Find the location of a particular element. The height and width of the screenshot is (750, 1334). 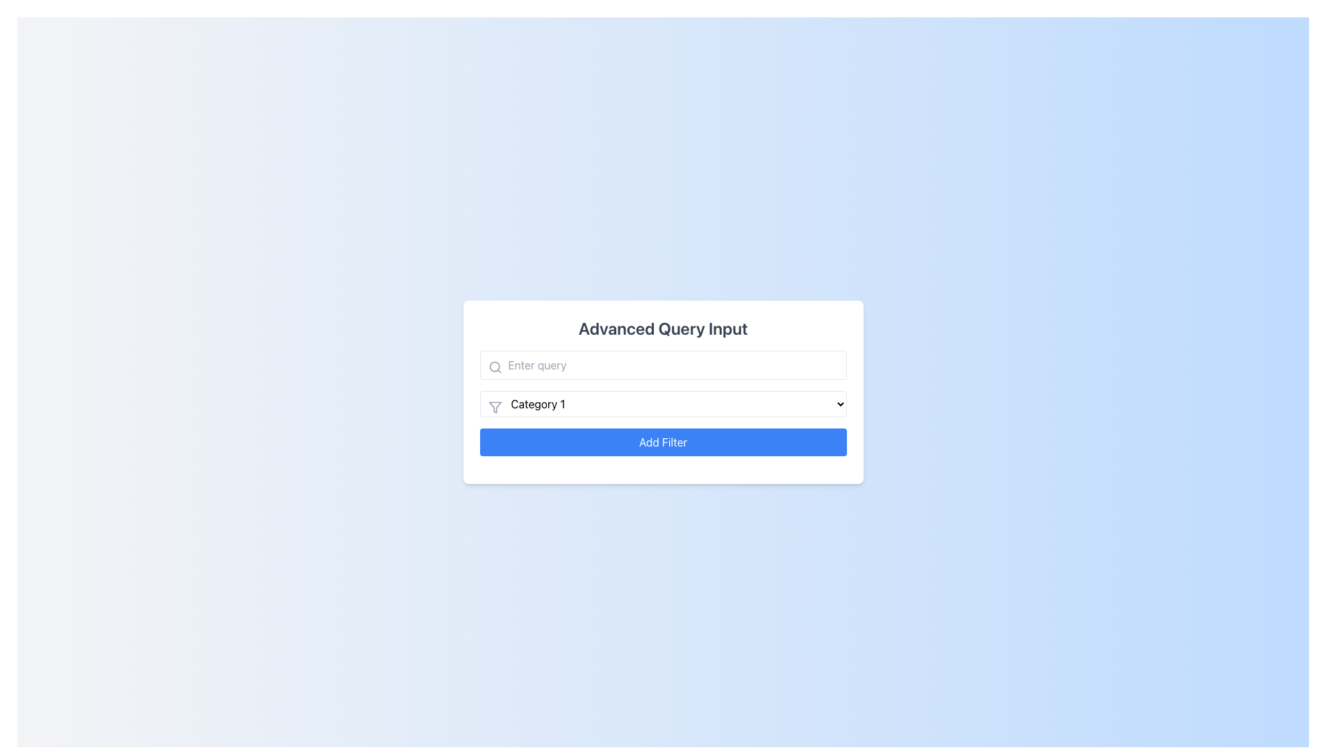

the 'Add Filter' button, which has a blue background and white text, located within the 'Advanced Query Input' section is located at coordinates (662, 442).